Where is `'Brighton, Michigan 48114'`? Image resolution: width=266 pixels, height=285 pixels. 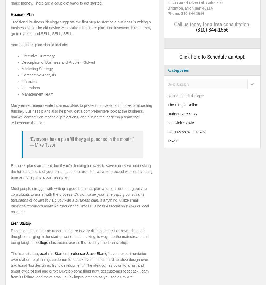
'Brighton, Michigan 48114' is located at coordinates (168, 8).